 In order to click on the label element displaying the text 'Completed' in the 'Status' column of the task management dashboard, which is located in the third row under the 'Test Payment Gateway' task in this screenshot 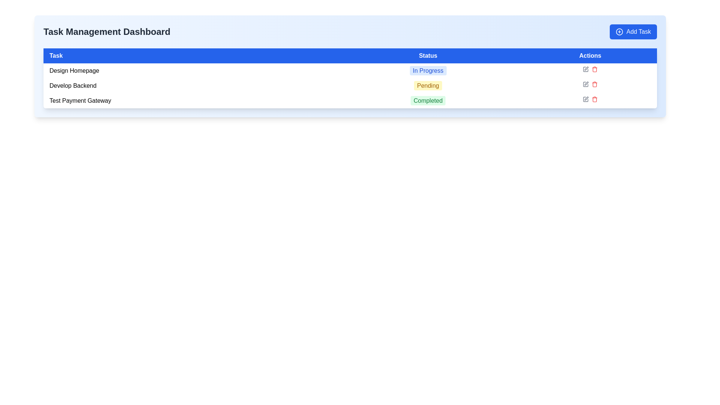, I will do `click(428, 100)`.